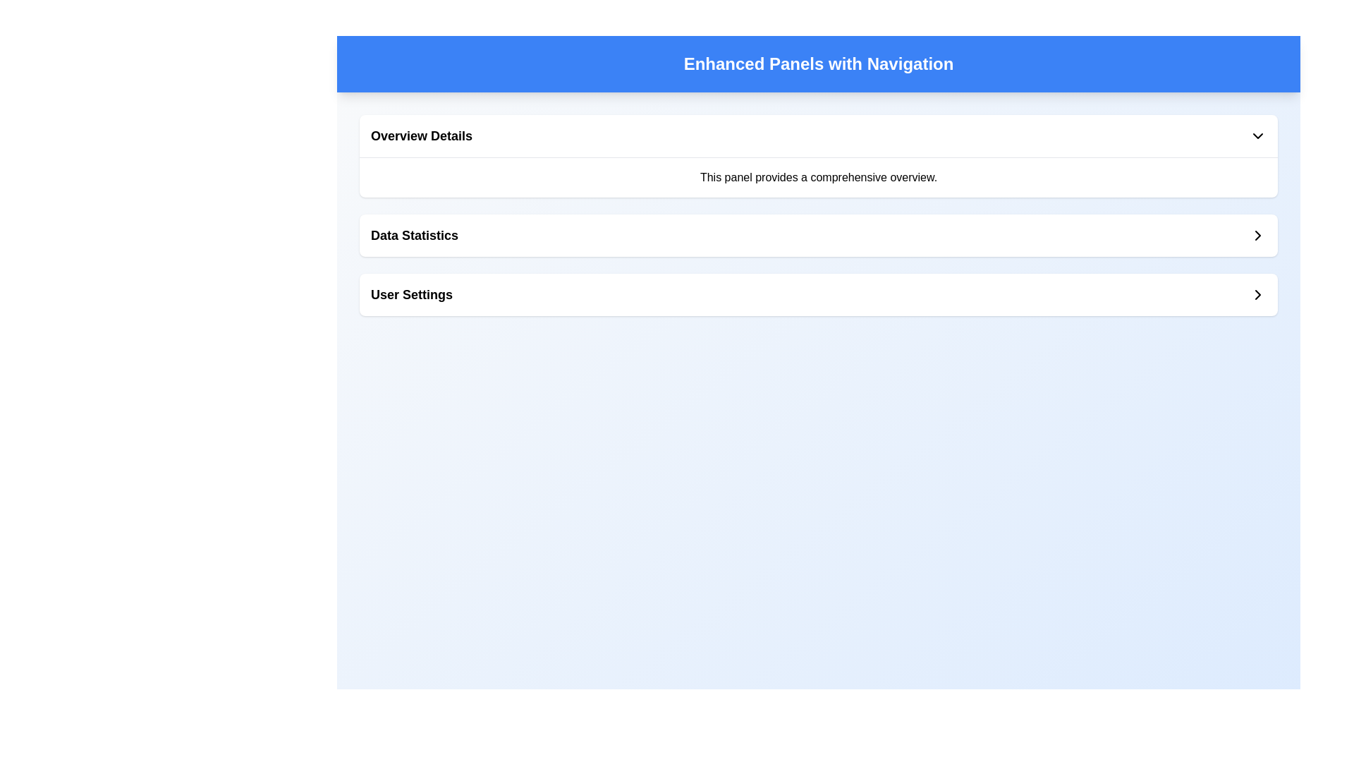 This screenshot has width=1354, height=762. Describe the element at coordinates (819, 235) in the screenshot. I see `the Button styled as a list item that serves as an entry point for viewing or interacting with data statistics` at that location.